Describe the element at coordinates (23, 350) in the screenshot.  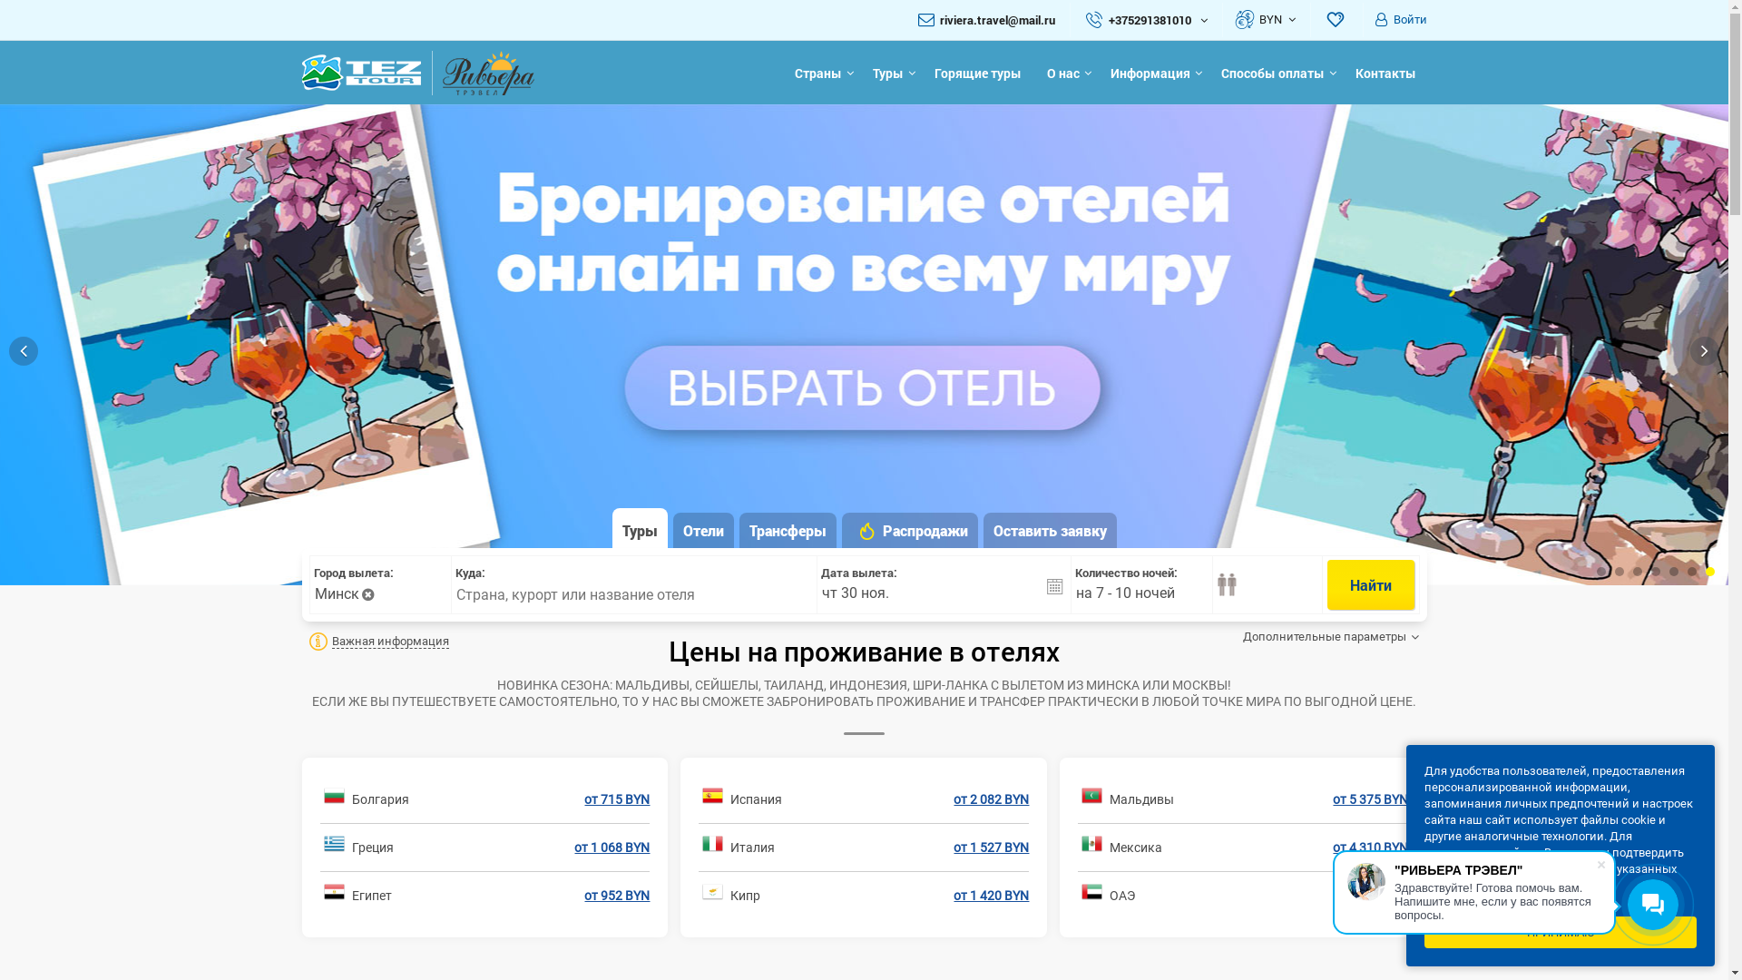
I see `'Prev'` at that location.